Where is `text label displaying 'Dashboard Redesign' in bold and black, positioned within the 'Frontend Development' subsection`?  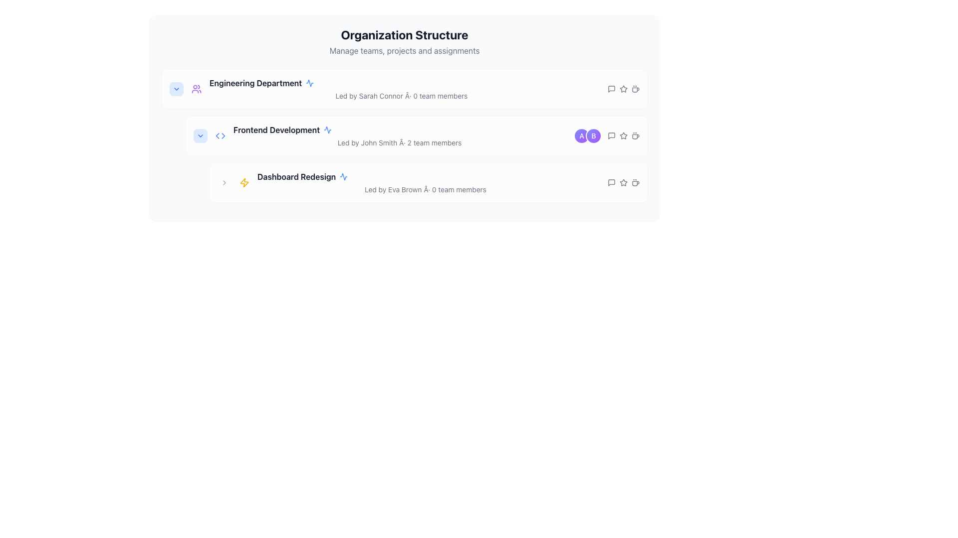
text label displaying 'Dashboard Redesign' in bold and black, positioned within the 'Frontend Development' subsection is located at coordinates (296, 176).